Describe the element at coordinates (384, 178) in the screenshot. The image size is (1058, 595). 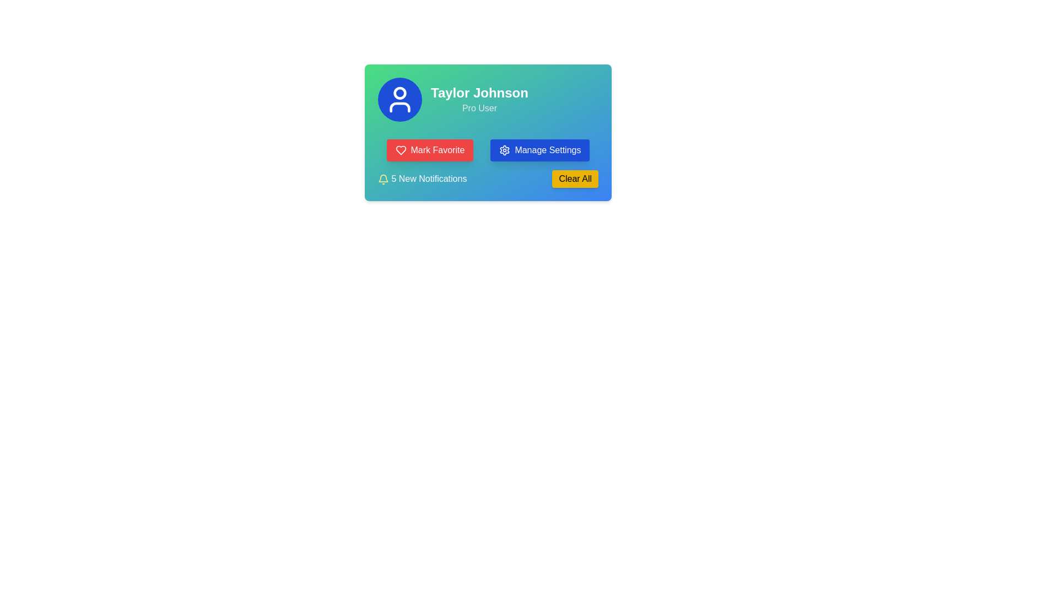
I see `the yellow bell icon indicating '5 New Notifications' located in the lower-left section of the card for user 'Taylor Johnson'` at that location.